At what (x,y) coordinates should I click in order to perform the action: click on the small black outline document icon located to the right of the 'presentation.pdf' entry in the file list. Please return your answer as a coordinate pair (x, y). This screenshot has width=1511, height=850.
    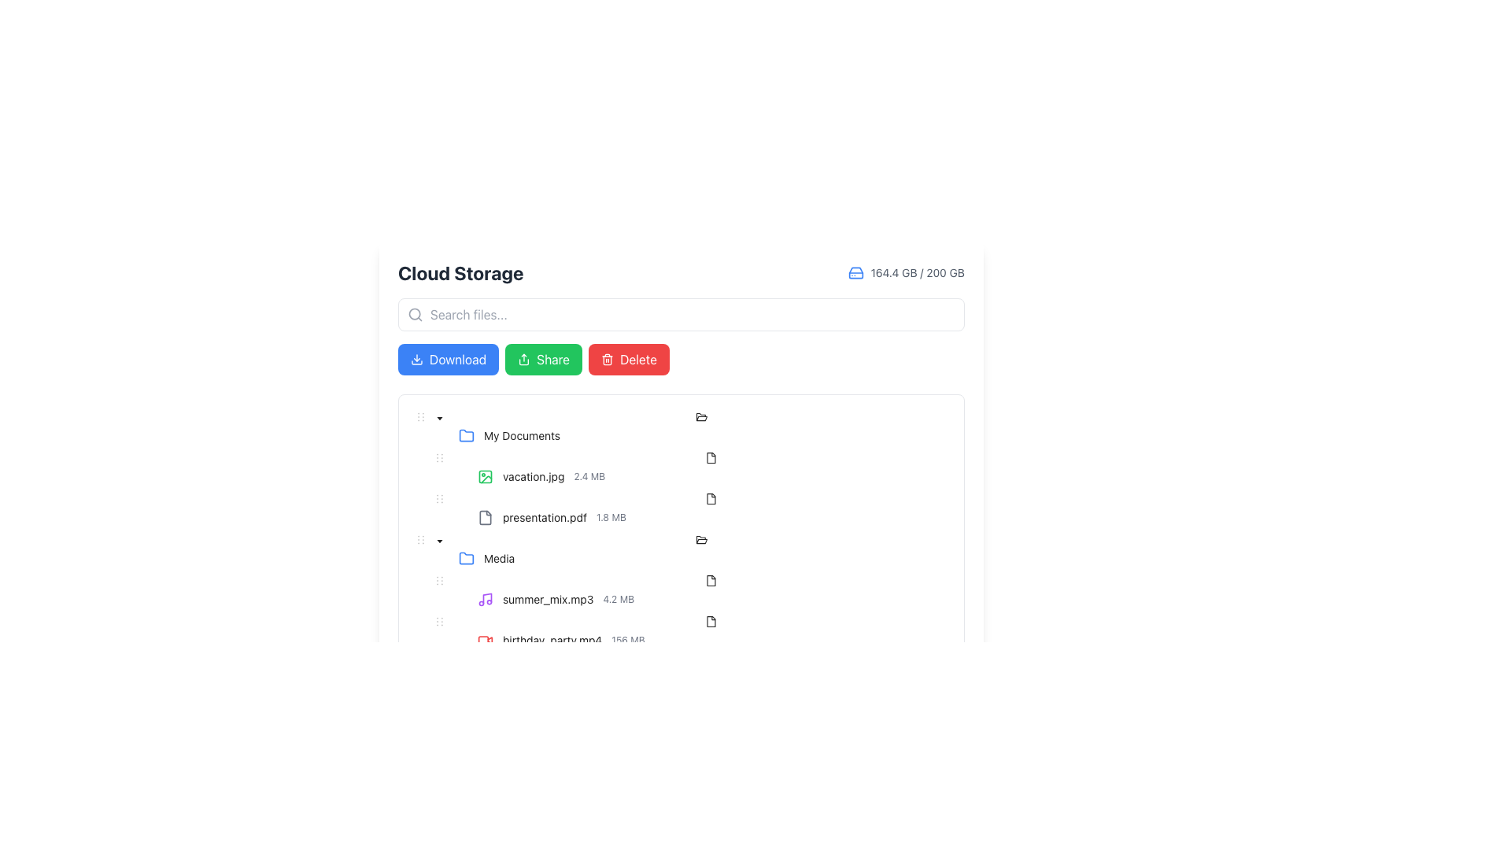
    Looking at the image, I should click on (710, 498).